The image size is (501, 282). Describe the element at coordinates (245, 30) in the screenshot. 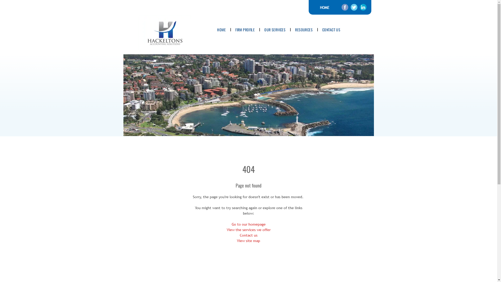

I see `'FIRM PROFILE'` at that location.